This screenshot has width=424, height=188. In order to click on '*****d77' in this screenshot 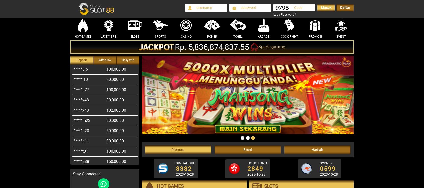, I will do `click(81, 79)`.